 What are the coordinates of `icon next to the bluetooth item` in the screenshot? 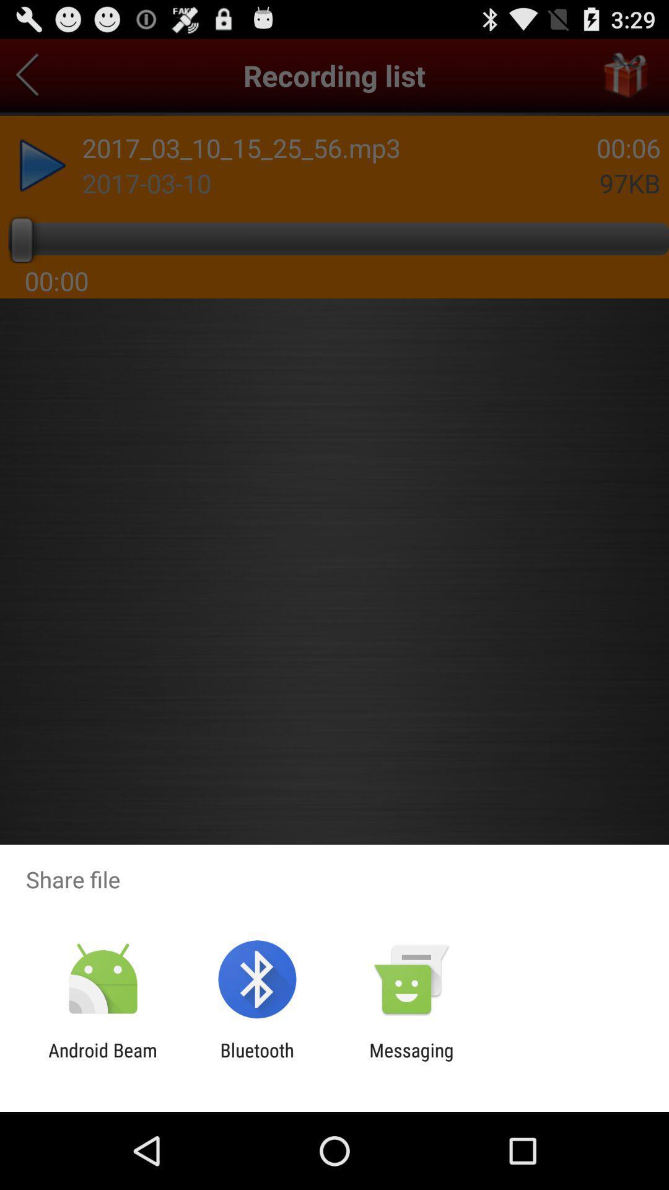 It's located at (102, 1060).